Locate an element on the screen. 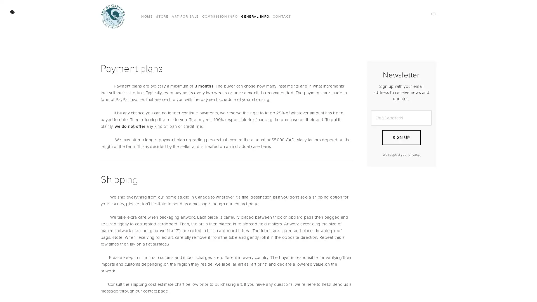 This screenshot has height=302, width=537. SIGN UP is located at coordinates (401, 138).